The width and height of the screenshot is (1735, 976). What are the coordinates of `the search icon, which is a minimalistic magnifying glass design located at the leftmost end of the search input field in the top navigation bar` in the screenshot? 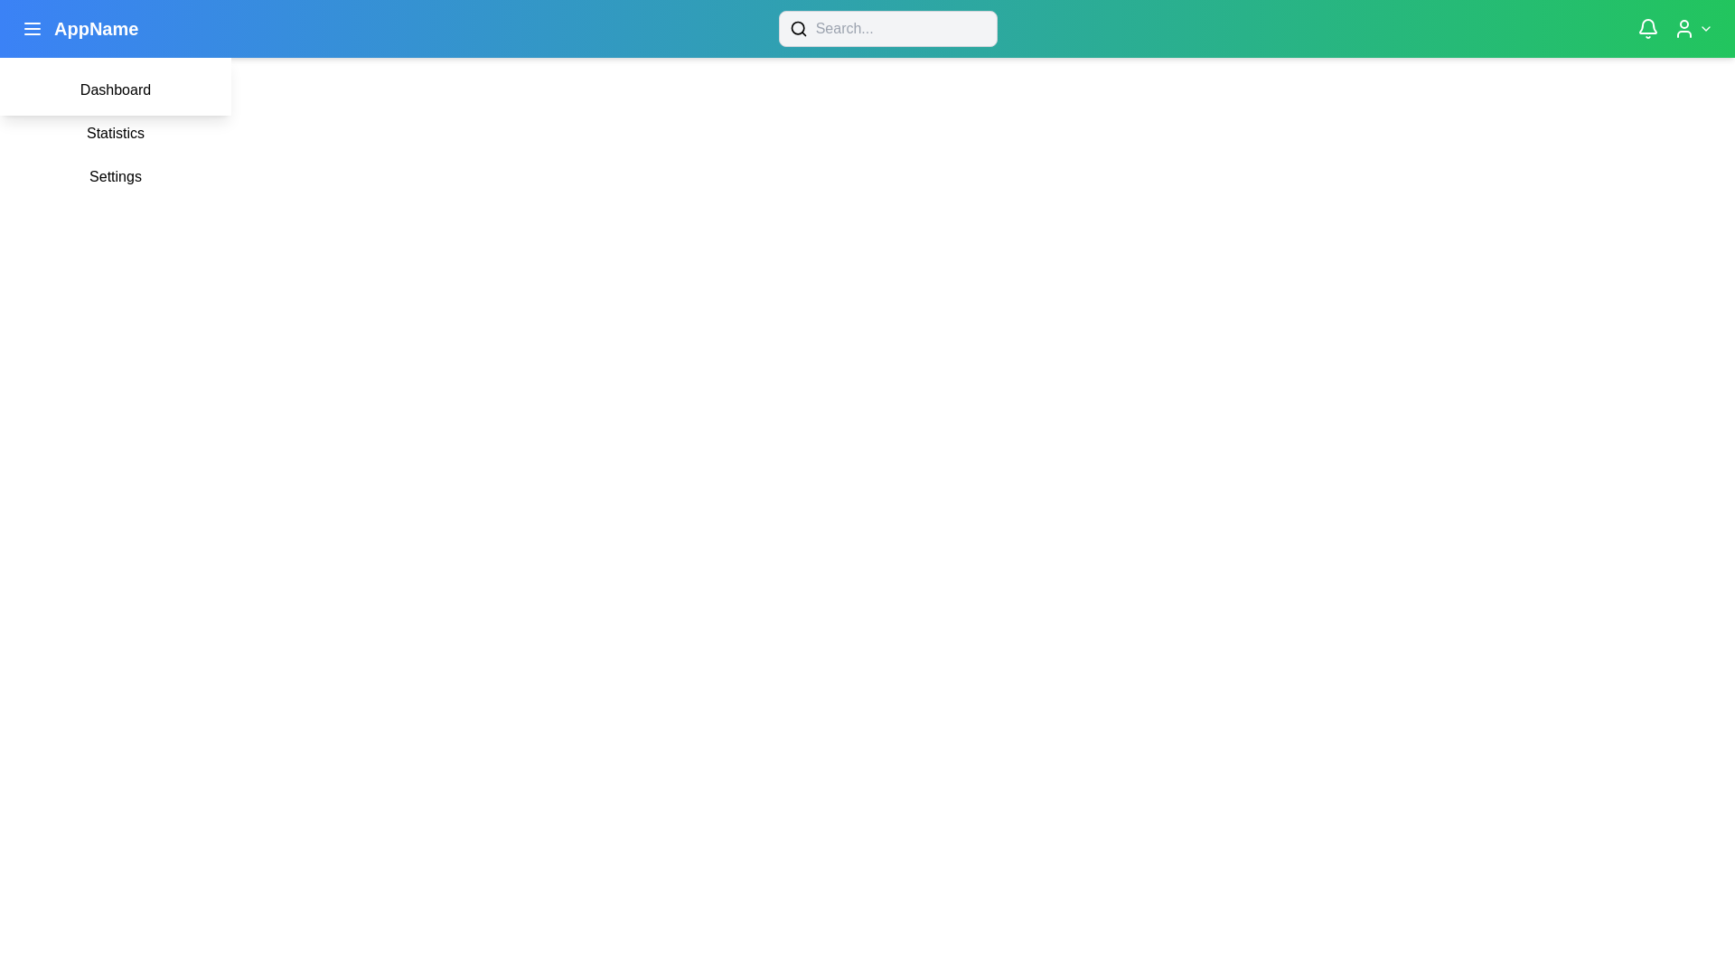 It's located at (797, 28).